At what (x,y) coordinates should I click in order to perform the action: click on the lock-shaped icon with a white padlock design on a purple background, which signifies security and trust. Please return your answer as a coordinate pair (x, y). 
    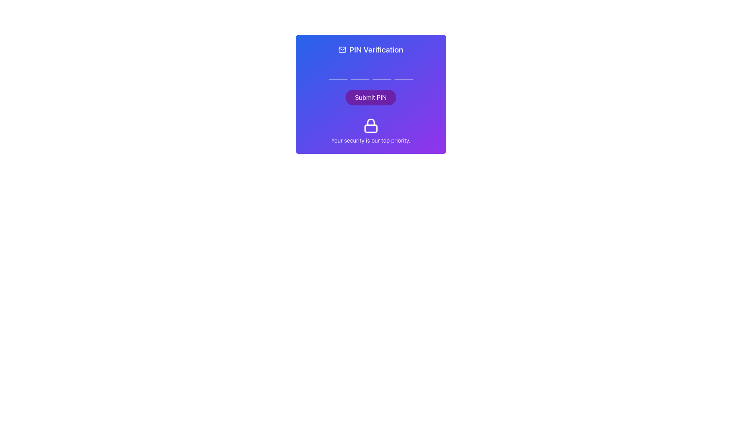
    Looking at the image, I should click on (370, 125).